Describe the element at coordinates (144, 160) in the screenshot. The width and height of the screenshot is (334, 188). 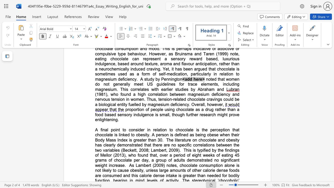
I see `the subset text "ay, a group of a" within the text "This is typified by the findings of Mellor (2013), who found that, over a period of eight weeks of eating 45 grams of chocolate per day, a group of adults"` at that location.